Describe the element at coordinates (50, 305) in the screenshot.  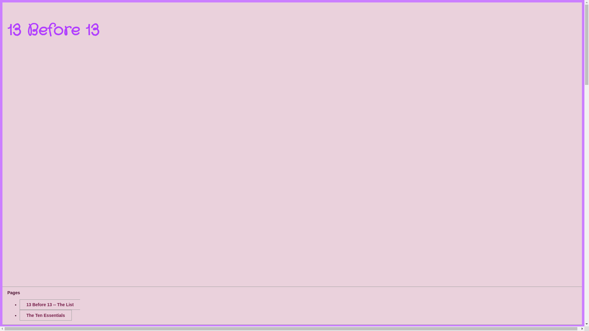
I see `'13 Before 13 -- The List'` at that location.